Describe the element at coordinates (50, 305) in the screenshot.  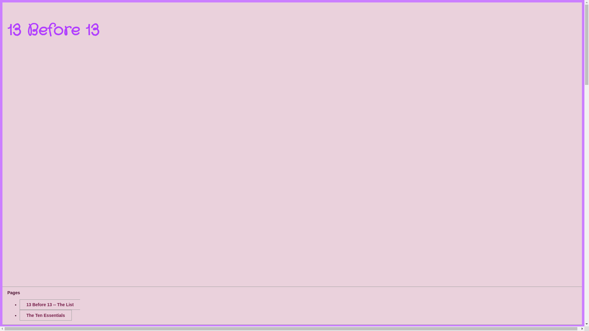
I see `'13 Before 13 -- The List'` at that location.